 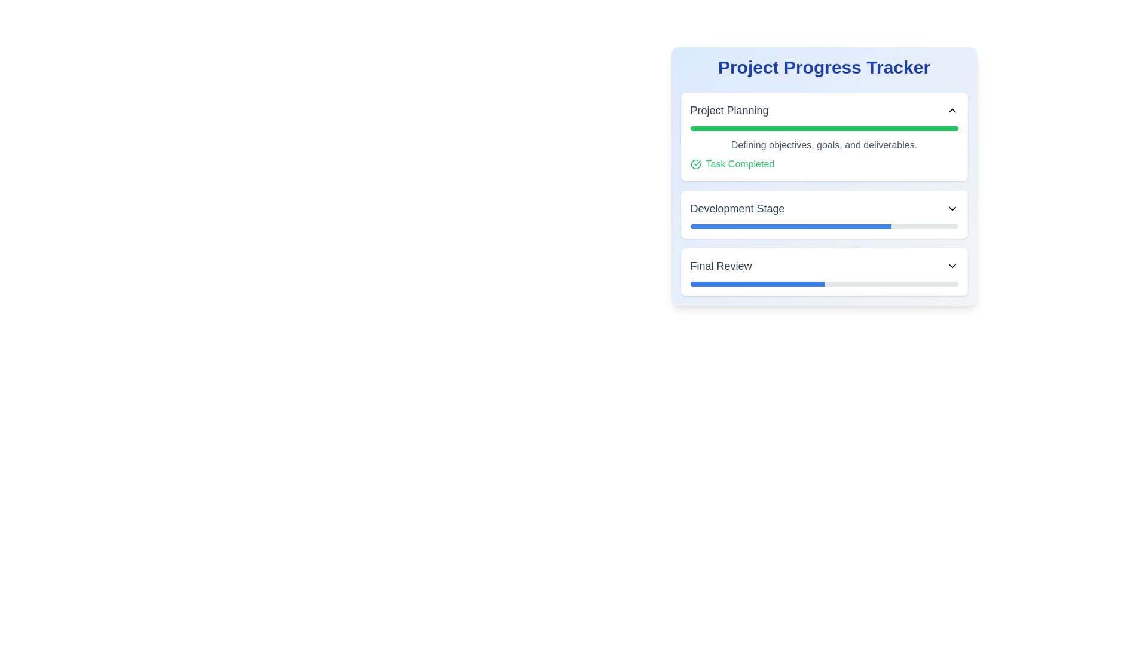 I want to click on the horizontal progress bar with rounded edges in the 'Development Stage' section of the 'Project Progress Tracker' panel, which is partially filled with blue color, so click(x=790, y=226).